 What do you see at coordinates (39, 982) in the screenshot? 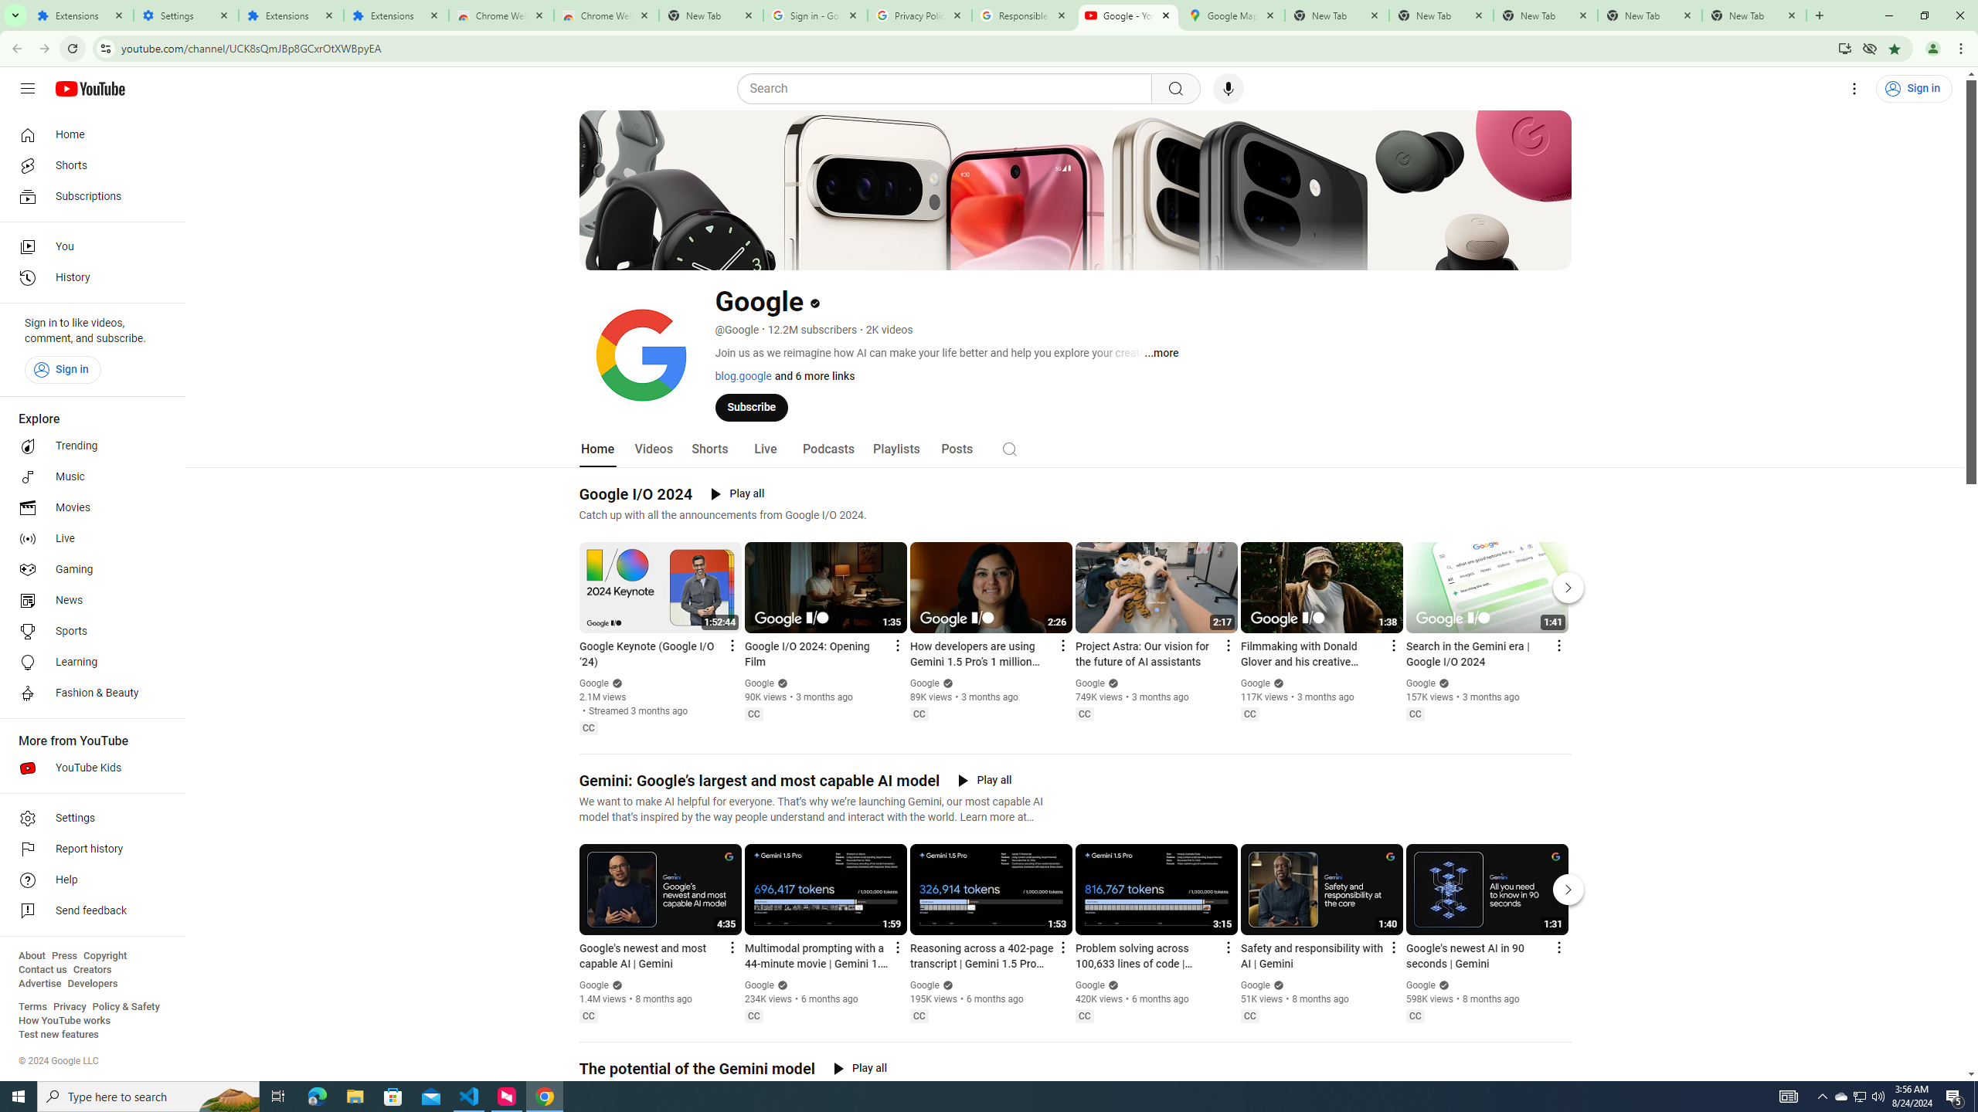
I see `'Advertise'` at bounding box center [39, 982].